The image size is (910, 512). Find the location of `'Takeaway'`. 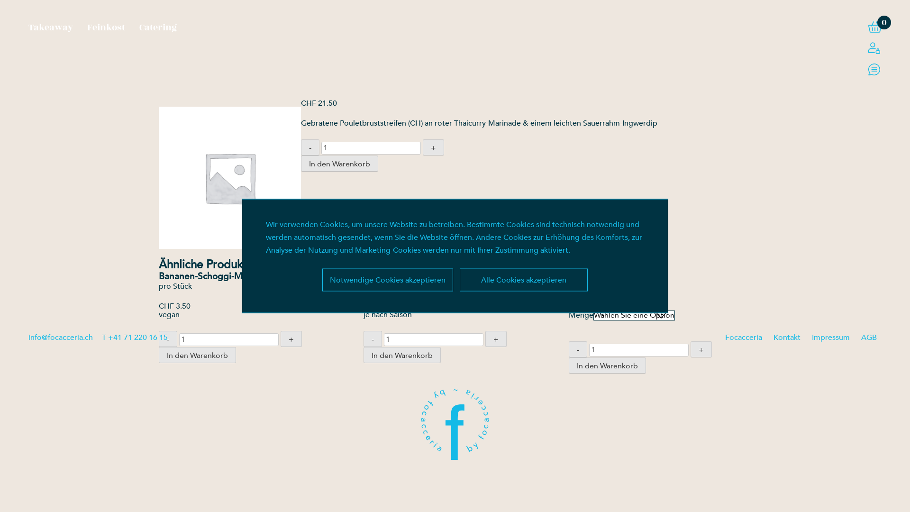

'Takeaway' is located at coordinates (50, 27).